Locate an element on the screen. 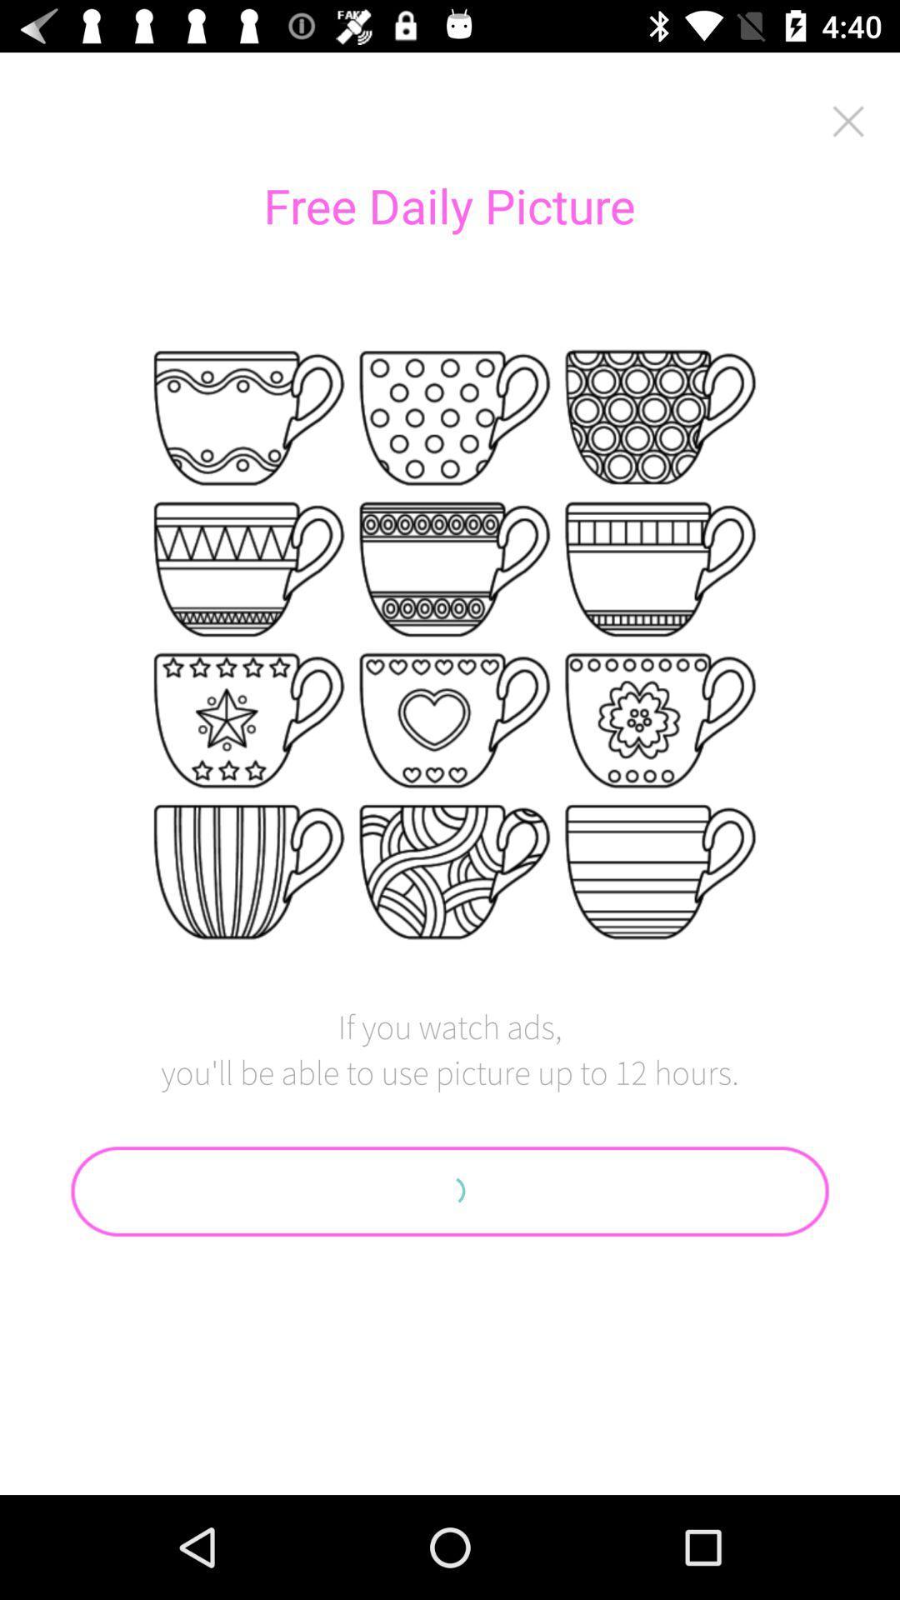 This screenshot has width=900, height=1600. exit screen is located at coordinates (848, 120).